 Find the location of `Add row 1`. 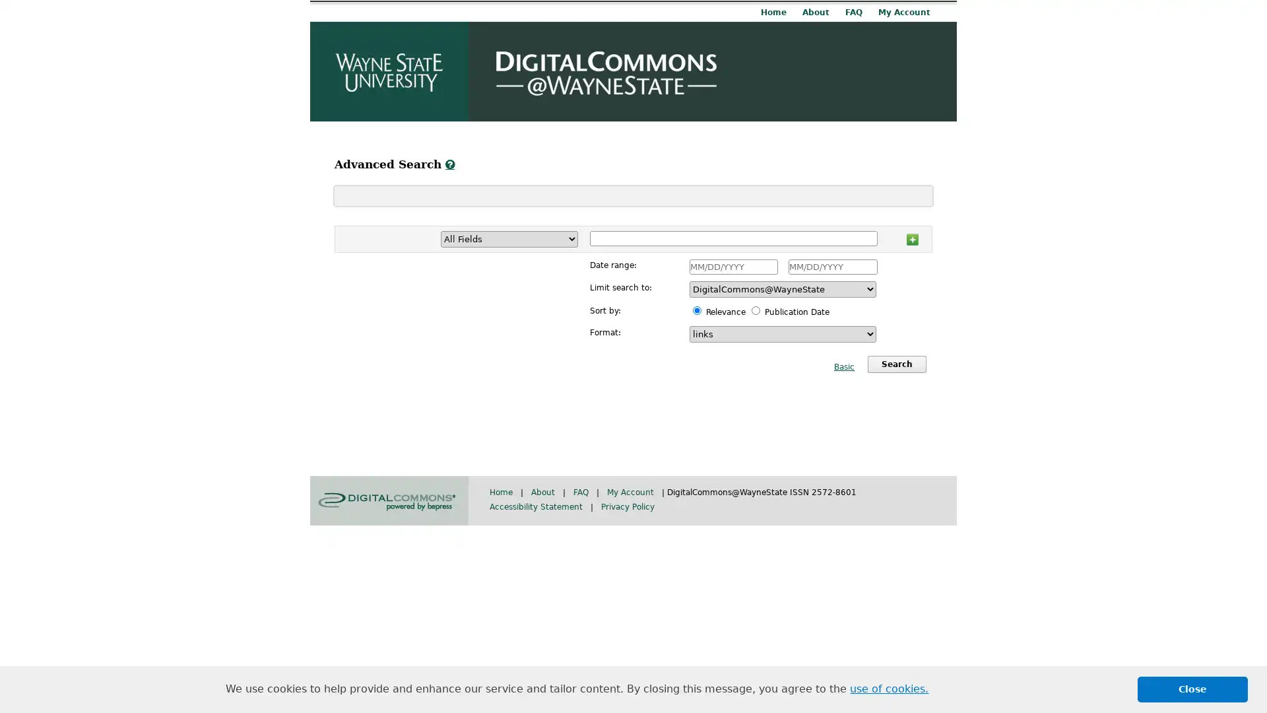

Add row 1 is located at coordinates (911, 236).